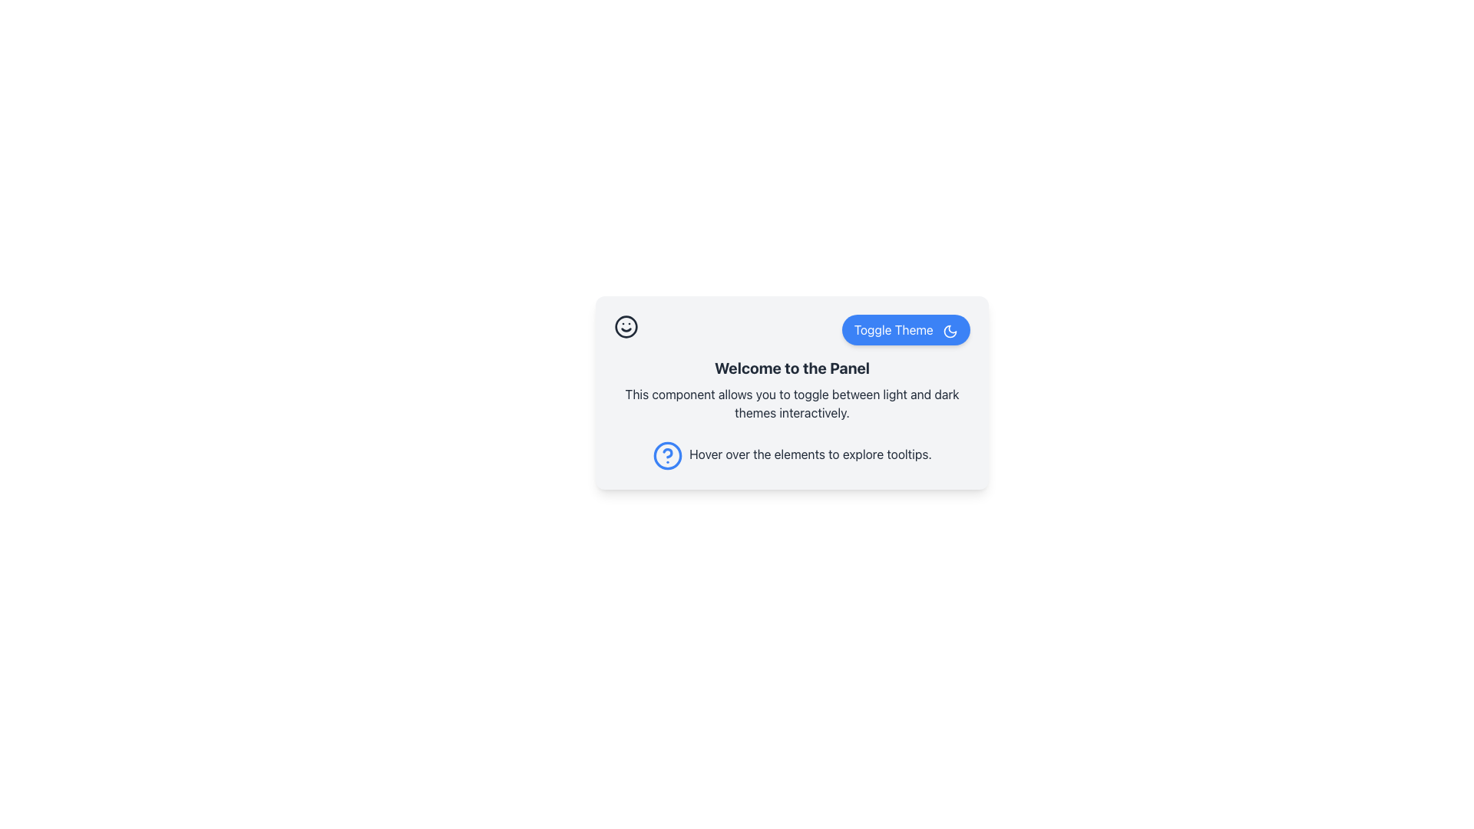  Describe the element at coordinates (950, 330) in the screenshot. I see `the crescent moon-shaped icon with a blue background and white outline, located to the right of the 'Toggle Theme' text` at that location.